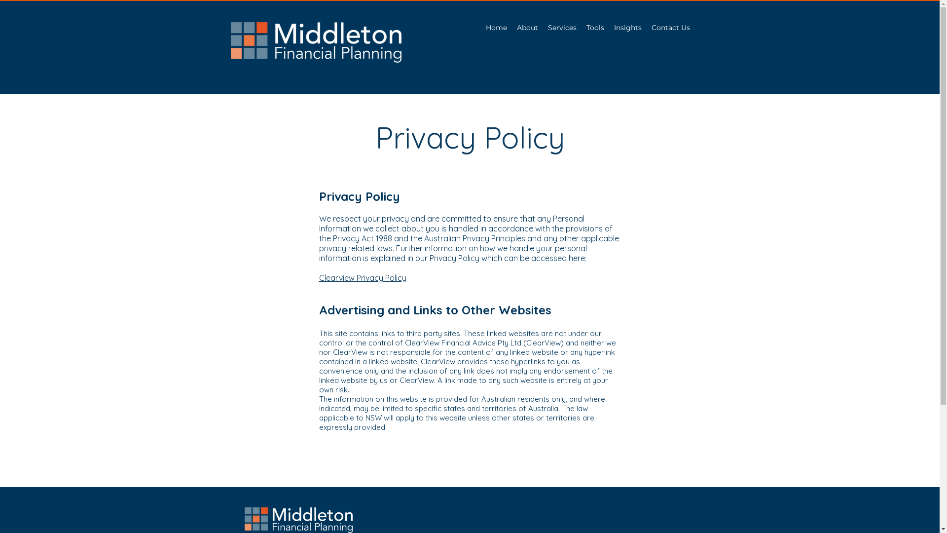 This screenshot has height=533, width=947. What do you see at coordinates (496, 27) in the screenshot?
I see `'Home'` at bounding box center [496, 27].